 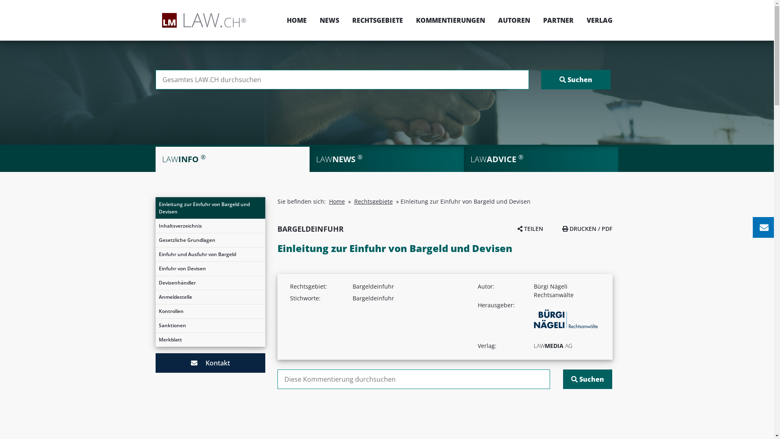 What do you see at coordinates (155, 80) in the screenshot?
I see `'Suchen nach:'` at bounding box center [155, 80].